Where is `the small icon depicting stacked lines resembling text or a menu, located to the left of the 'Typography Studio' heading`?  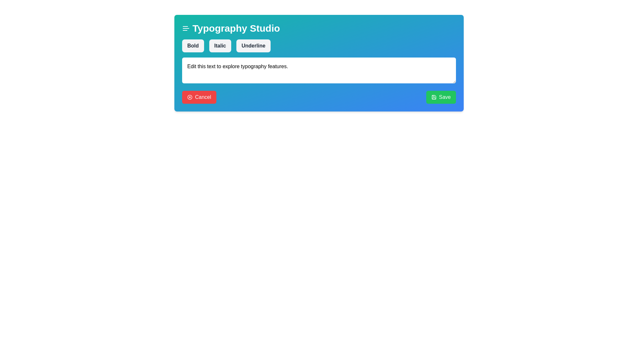
the small icon depicting stacked lines resembling text or a menu, located to the left of the 'Typography Studio' heading is located at coordinates (186, 28).